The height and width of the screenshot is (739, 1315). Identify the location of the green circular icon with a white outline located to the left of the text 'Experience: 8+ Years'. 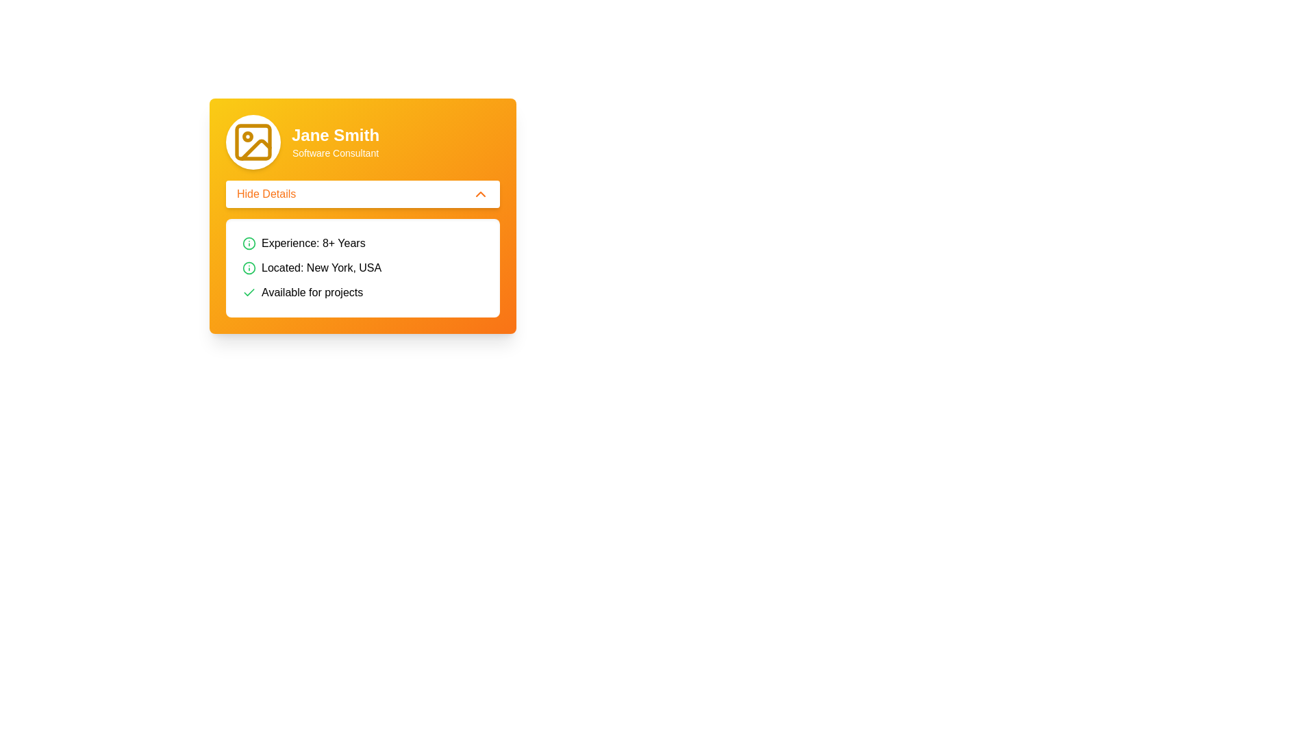
(249, 268).